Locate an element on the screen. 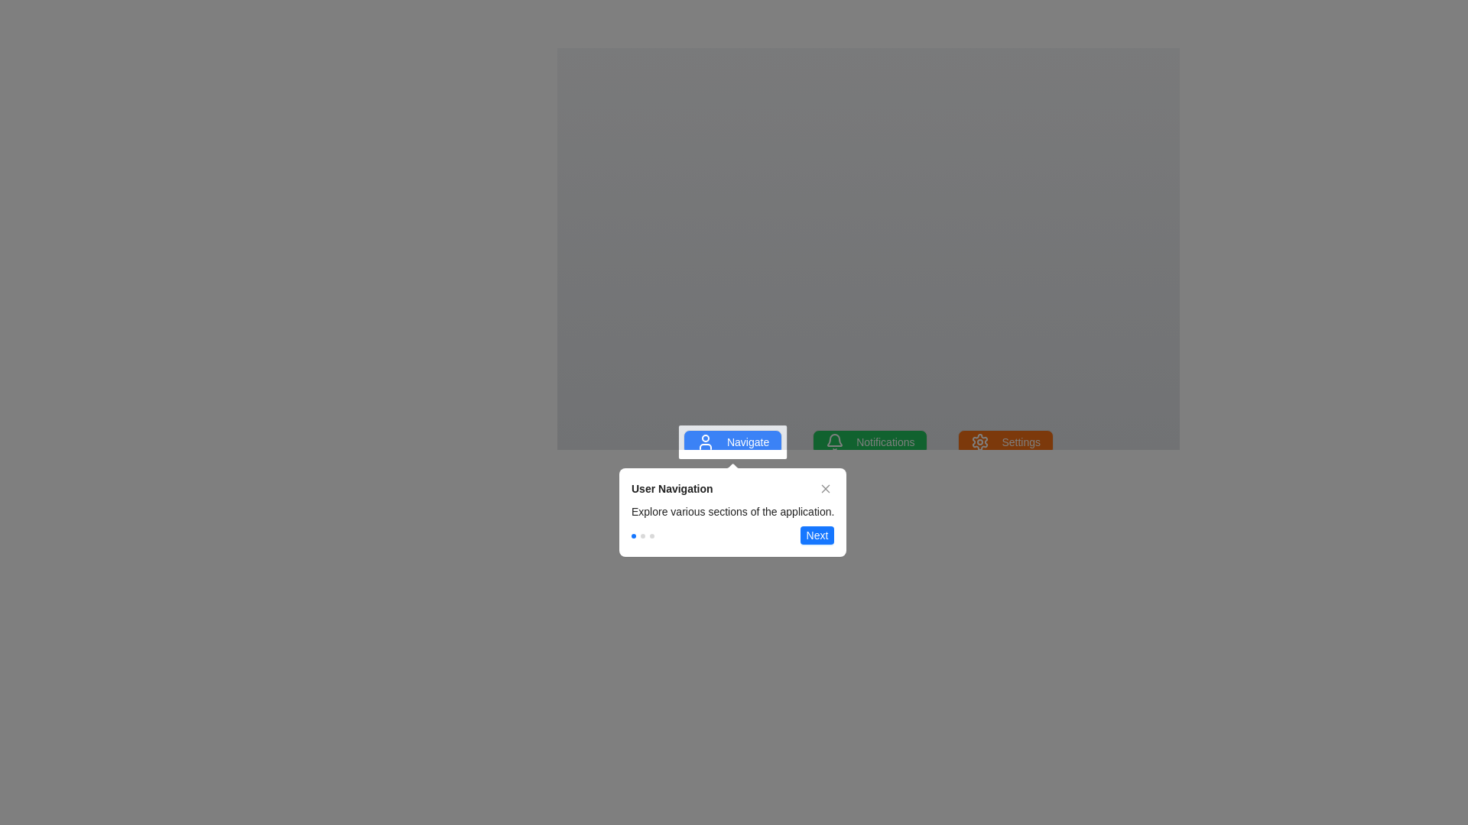  the green 'Notifications' button with a white bell icon to observe its hover effect is located at coordinates (870, 442).